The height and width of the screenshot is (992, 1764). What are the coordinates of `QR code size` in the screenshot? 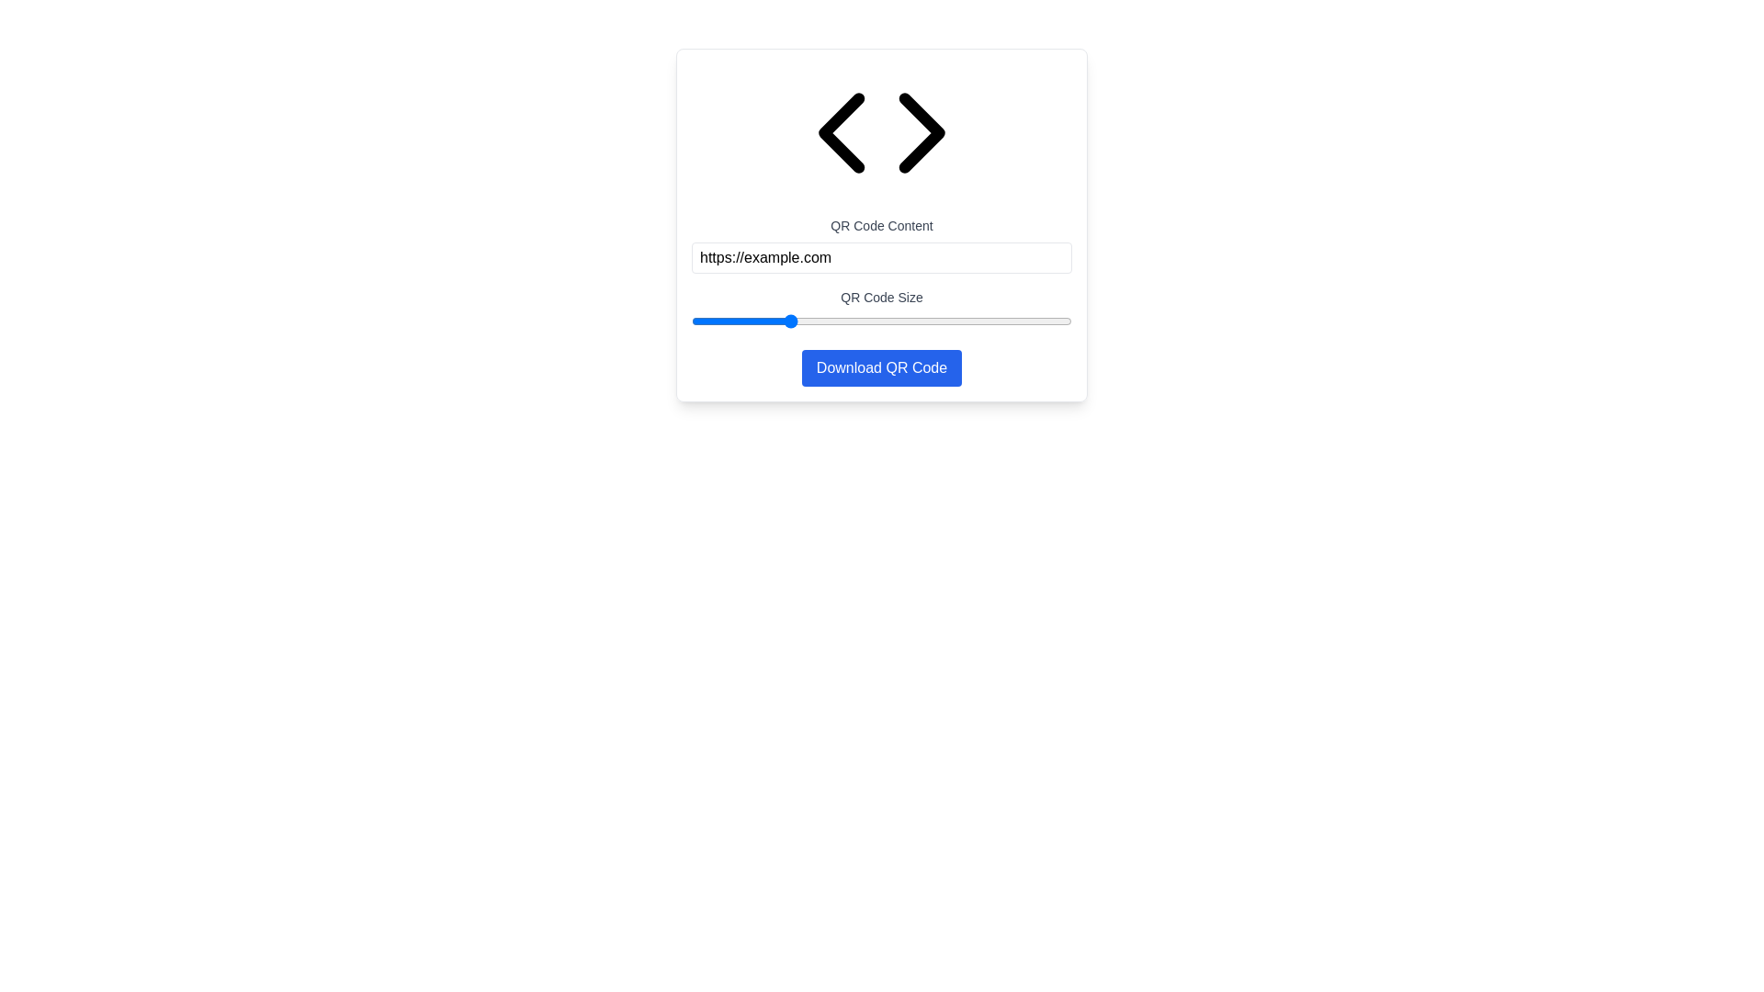 It's located at (927, 321).